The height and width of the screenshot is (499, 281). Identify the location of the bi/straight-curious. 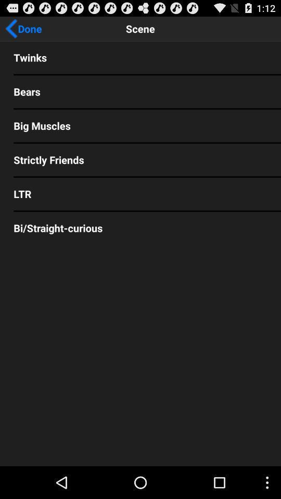
(140, 228).